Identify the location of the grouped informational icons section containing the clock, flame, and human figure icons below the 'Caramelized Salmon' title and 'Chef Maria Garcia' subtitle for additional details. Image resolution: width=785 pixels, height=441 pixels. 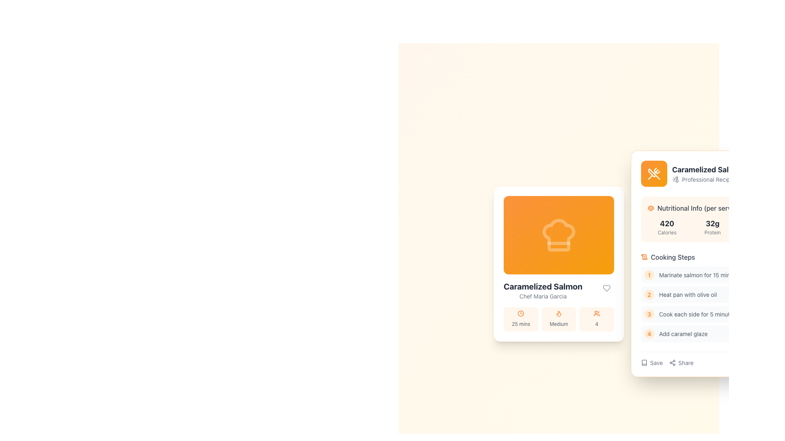
(558, 306).